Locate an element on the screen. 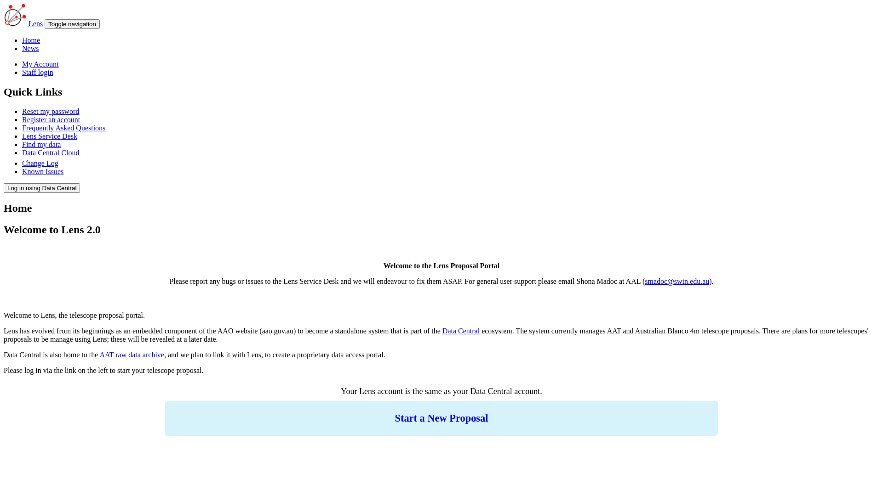 This screenshot has height=496, width=883. 'Log in using Data Central' is located at coordinates (41, 187).